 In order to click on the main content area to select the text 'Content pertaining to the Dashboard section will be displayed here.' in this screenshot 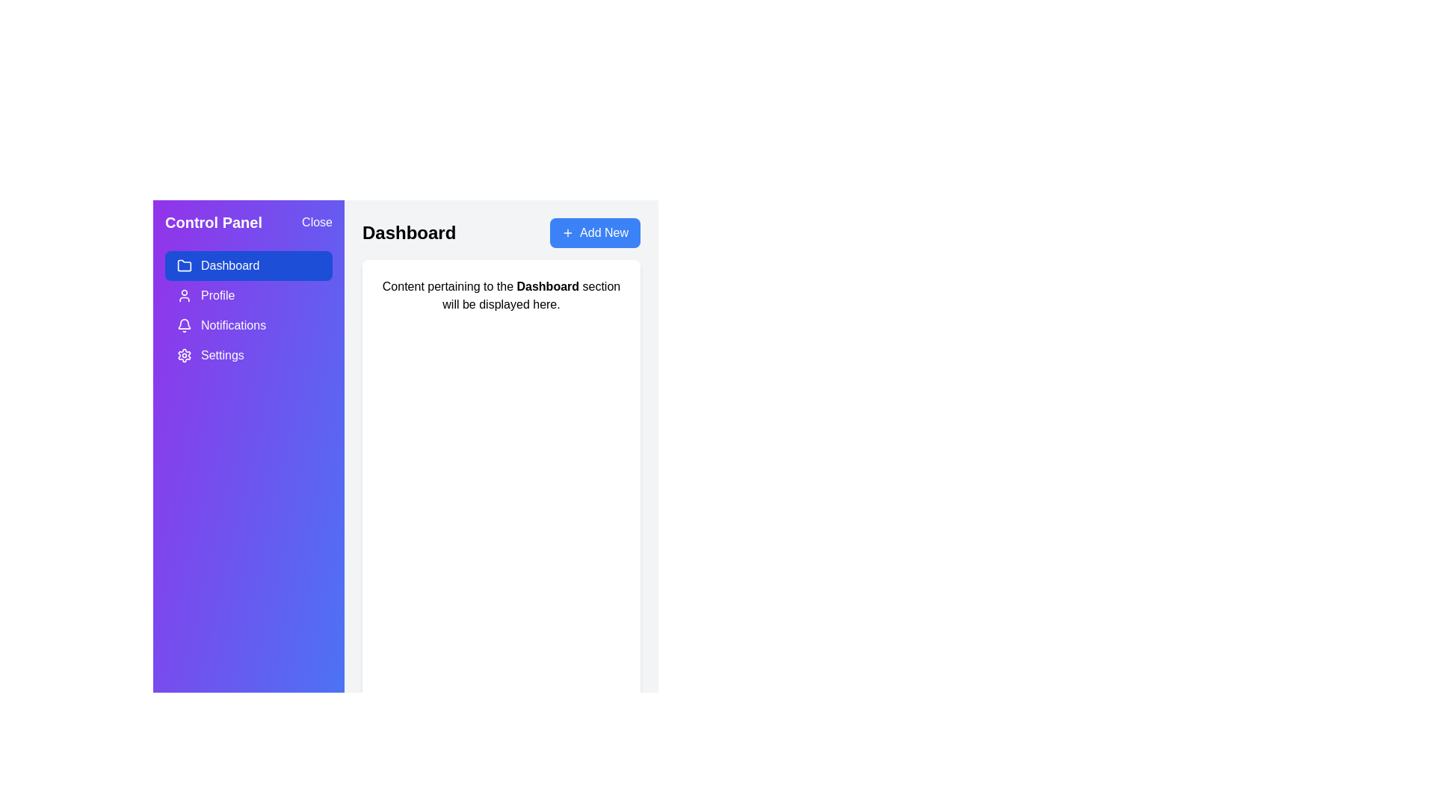, I will do `click(502, 296)`.